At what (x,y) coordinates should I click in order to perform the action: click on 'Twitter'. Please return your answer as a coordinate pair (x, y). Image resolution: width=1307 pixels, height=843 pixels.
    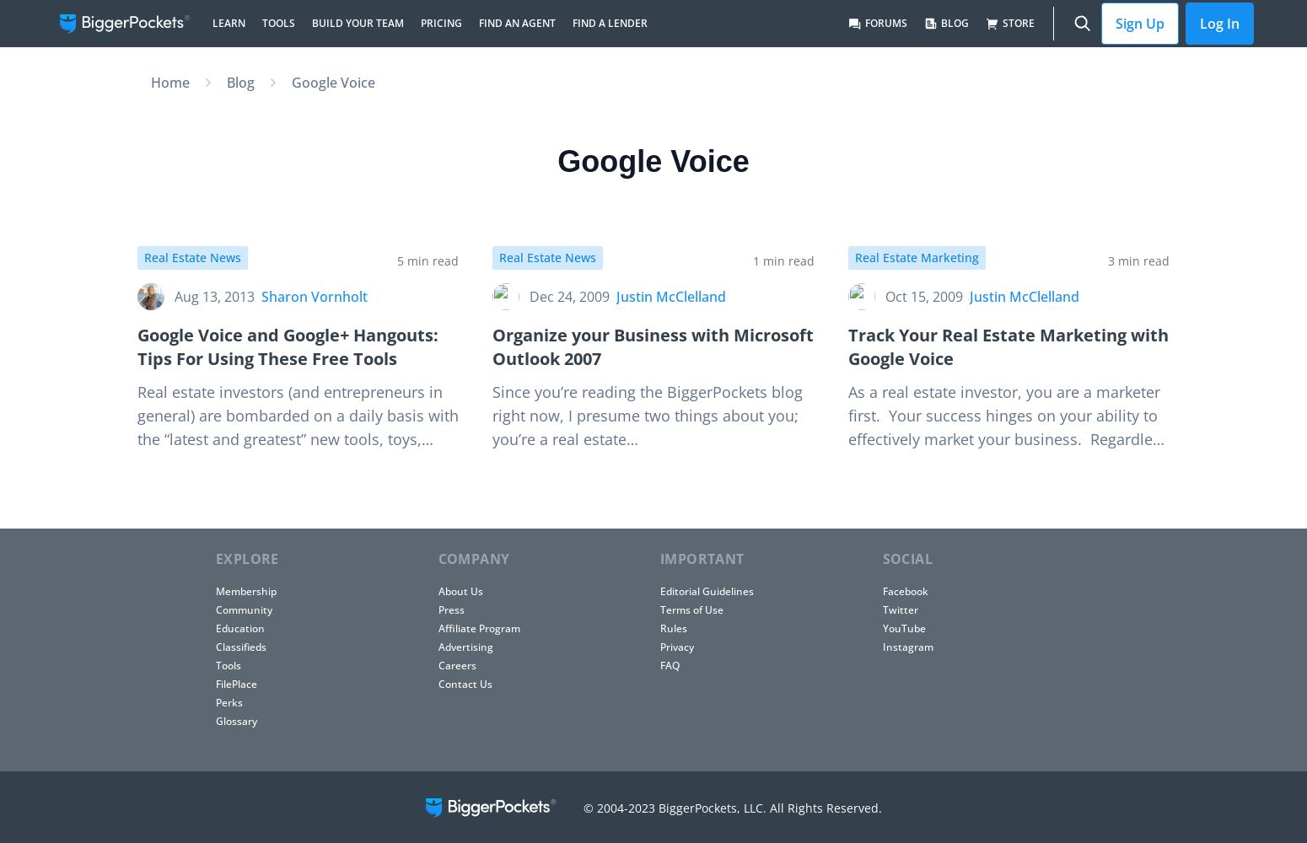
    Looking at the image, I should click on (881, 609).